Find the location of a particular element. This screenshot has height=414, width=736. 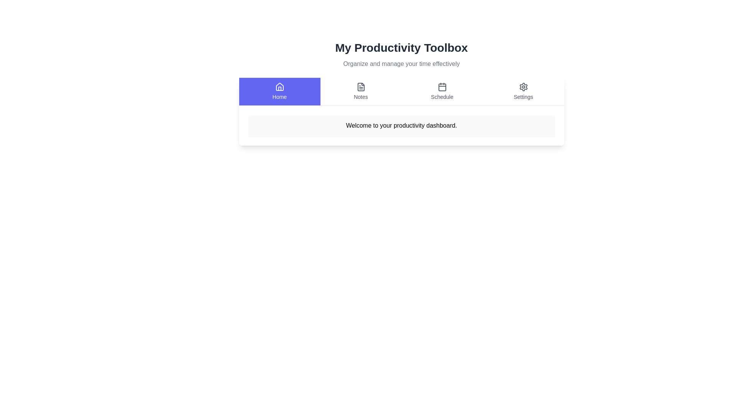

text contained in the informational box with a light gray background that says 'Welcome to your productivity dashboard.' is located at coordinates (401, 125).